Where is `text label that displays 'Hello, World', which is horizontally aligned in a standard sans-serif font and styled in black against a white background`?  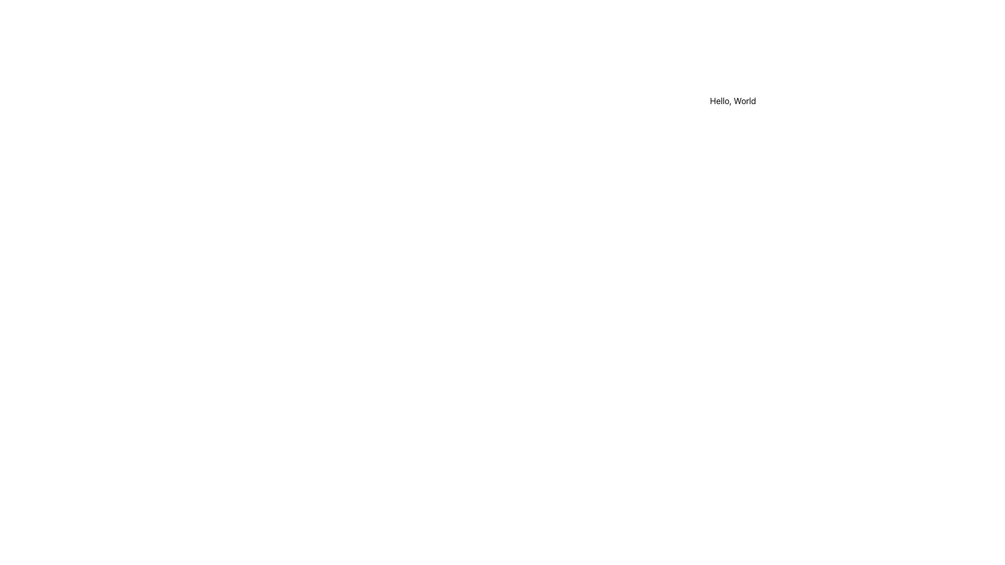
text label that displays 'Hello, World', which is horizontally aligned in a standard sans-serif font and styled in black against a white background is located at coordinates (732, 100).